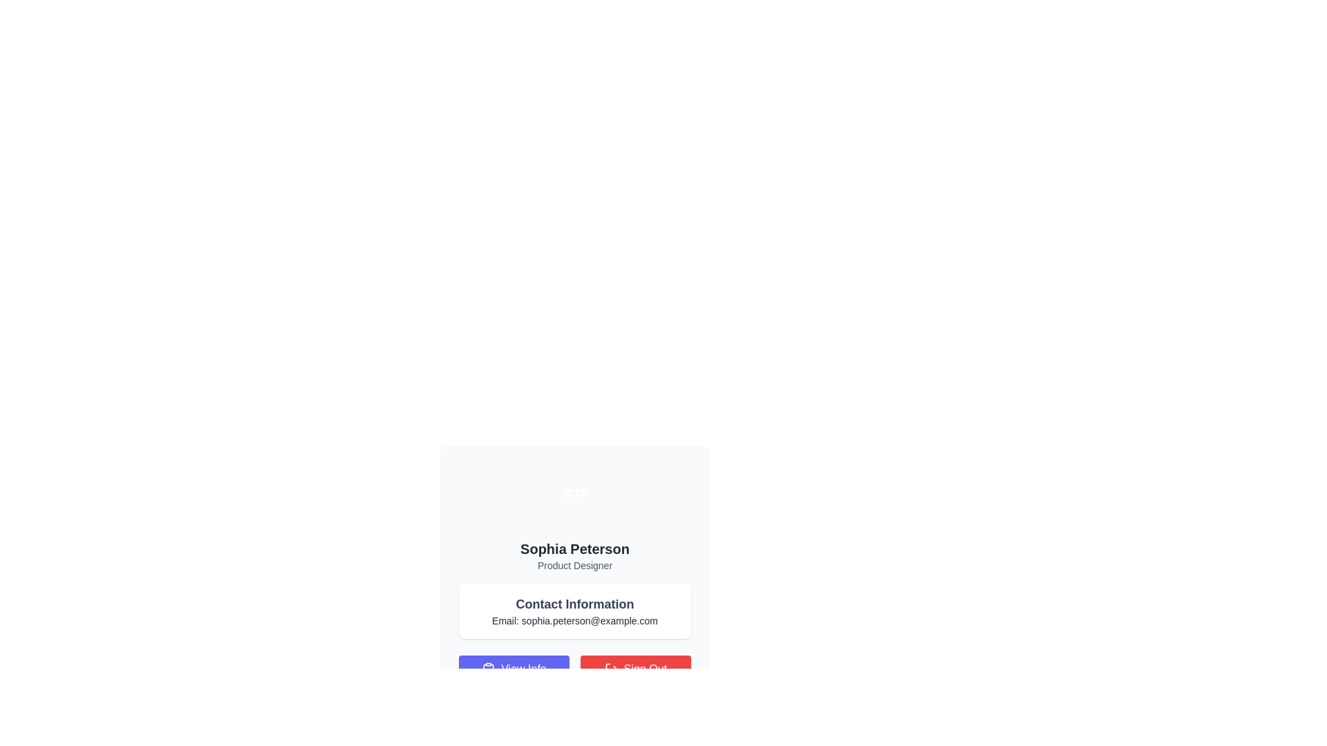 This screenshot has width=1327, height=746. I want to click on the text display element that shows the user name 'Sophia Peterson', located below the avatar component and above 'Product Designer', so click(574, 548).